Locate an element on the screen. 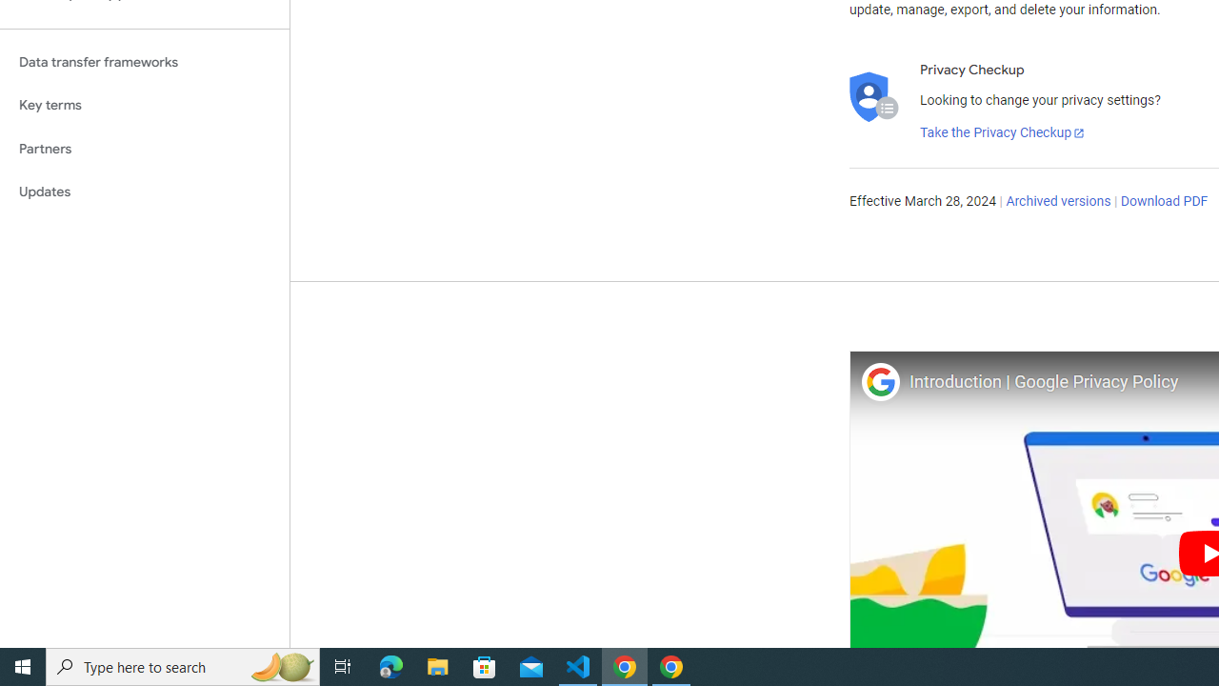 The width and height of the screenshot is (1219, 686). 'Archived versions' is located at coordinates (1057, 202).